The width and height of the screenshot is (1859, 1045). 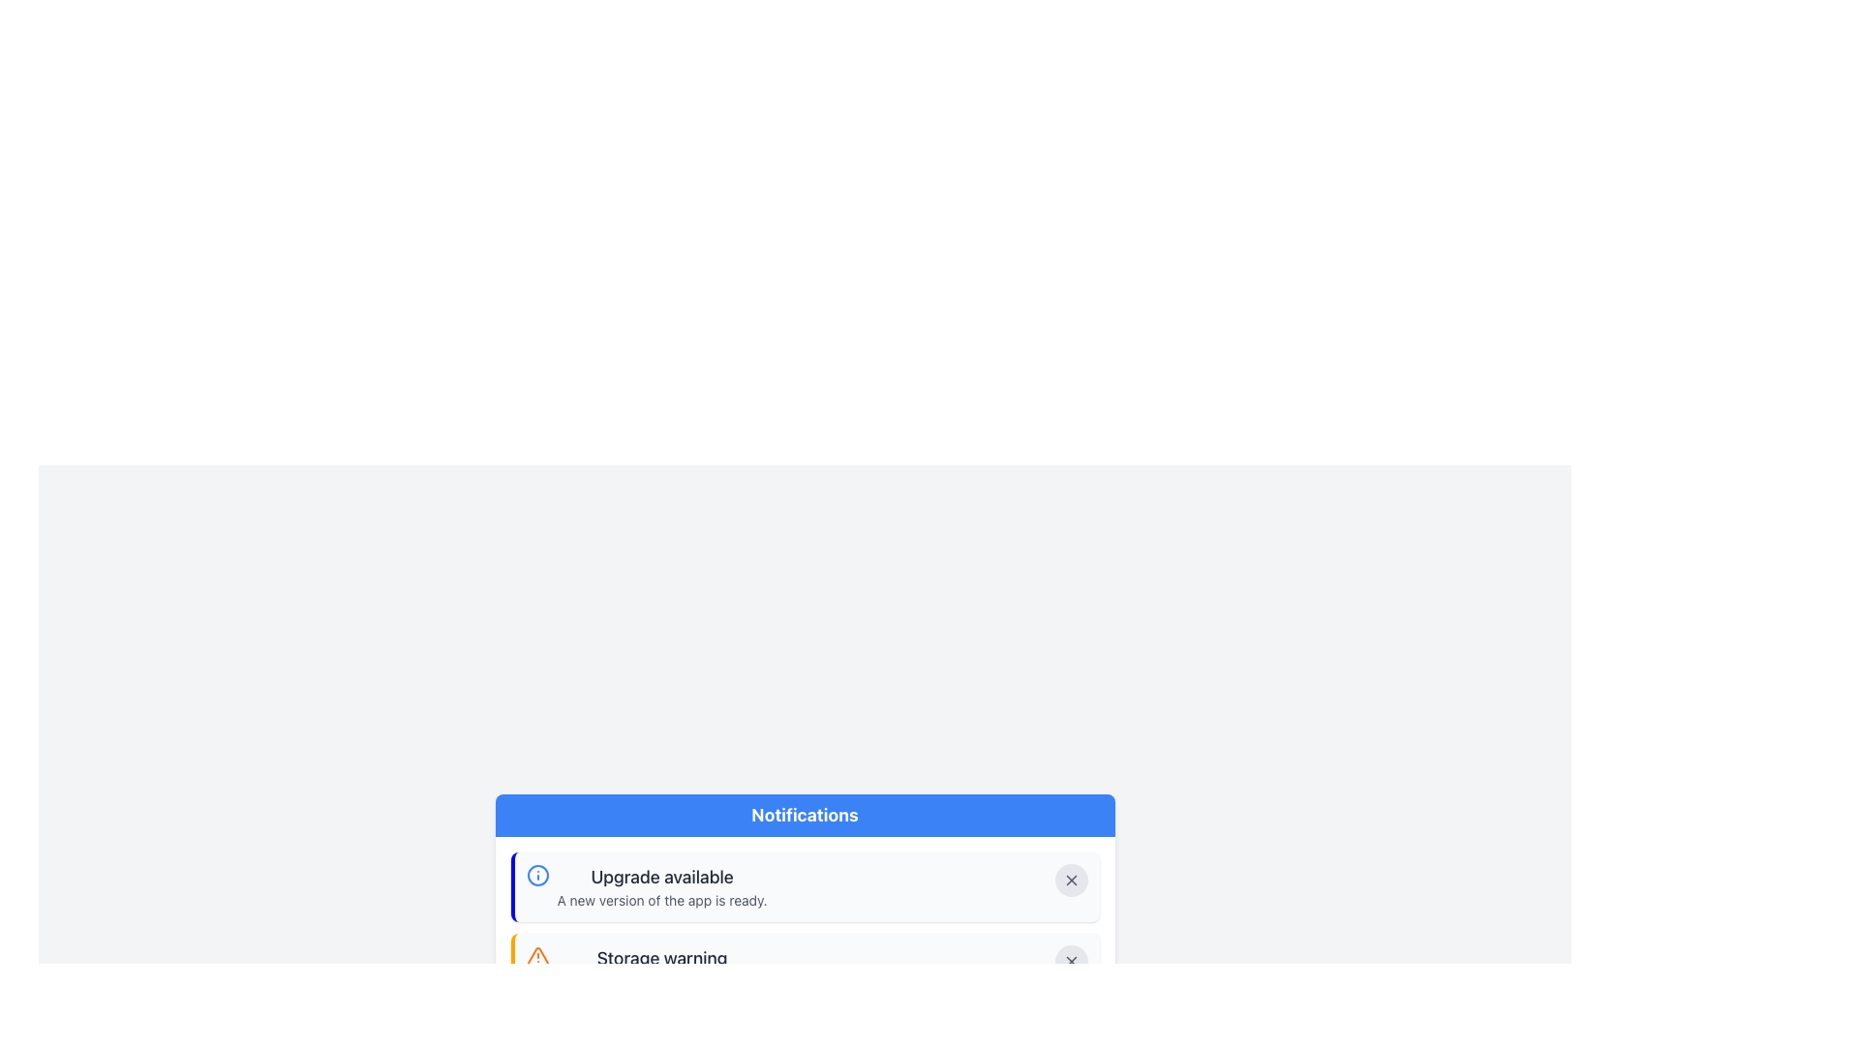 I want to click on the Text Label displaying 'Upgrade available' located in the upper section of the notification card, so click(x=662, y=877).